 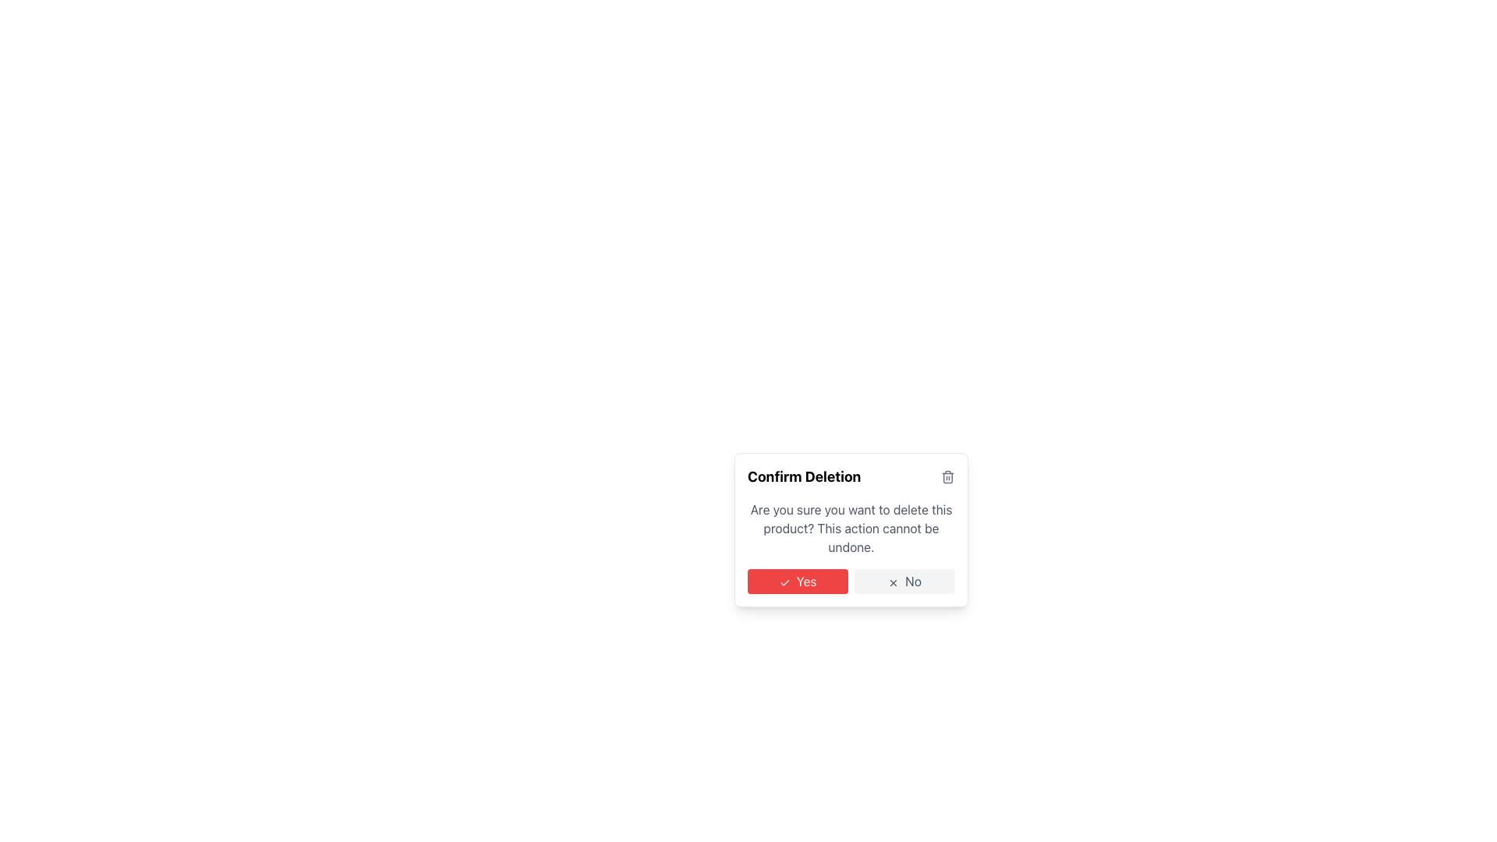 What do you see at coordinates (784, 582) in the screenshot?
I see `the red checkmark SVG icon located within the 'Yes' button at the bottom left of the confirmation dialog` at bounding box center [784, 582].